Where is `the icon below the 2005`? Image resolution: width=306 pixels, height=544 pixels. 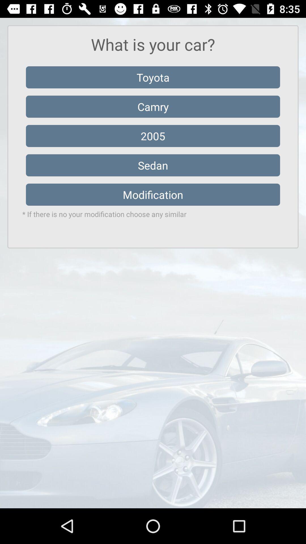 the icon below the 2005 is located at coordinates (153, 165).